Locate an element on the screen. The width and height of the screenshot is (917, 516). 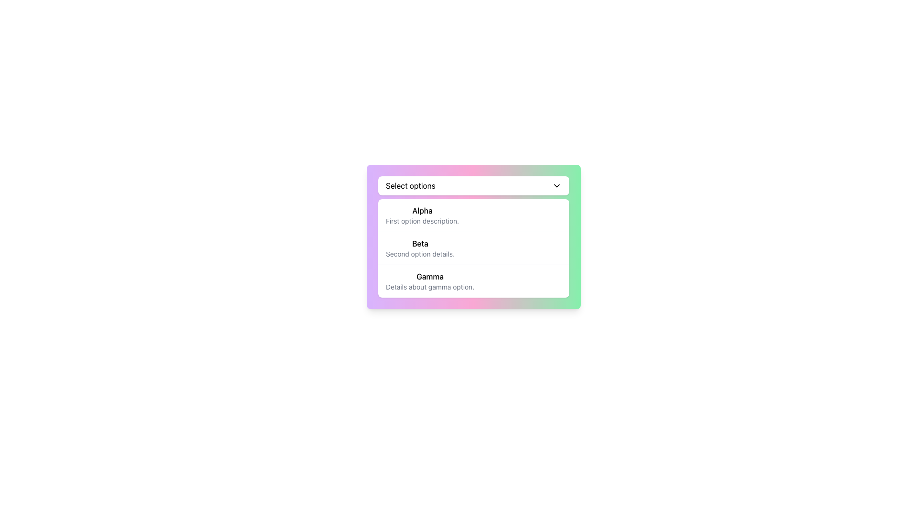
the 'Beta' option in the dropdown menu styled with a gradient background and rounded corners, positioned below 'Alpha' and above 'Gamma' is located at coordinates (474, 236).